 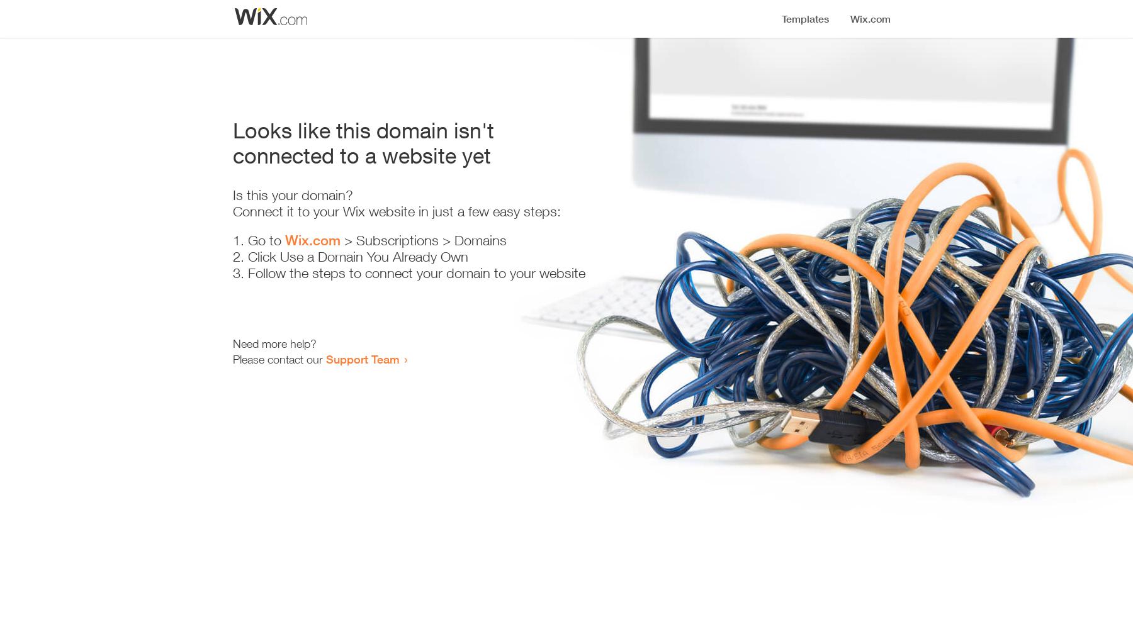 I want to click on 'Is this your domain?', so click(x=292, y=195).